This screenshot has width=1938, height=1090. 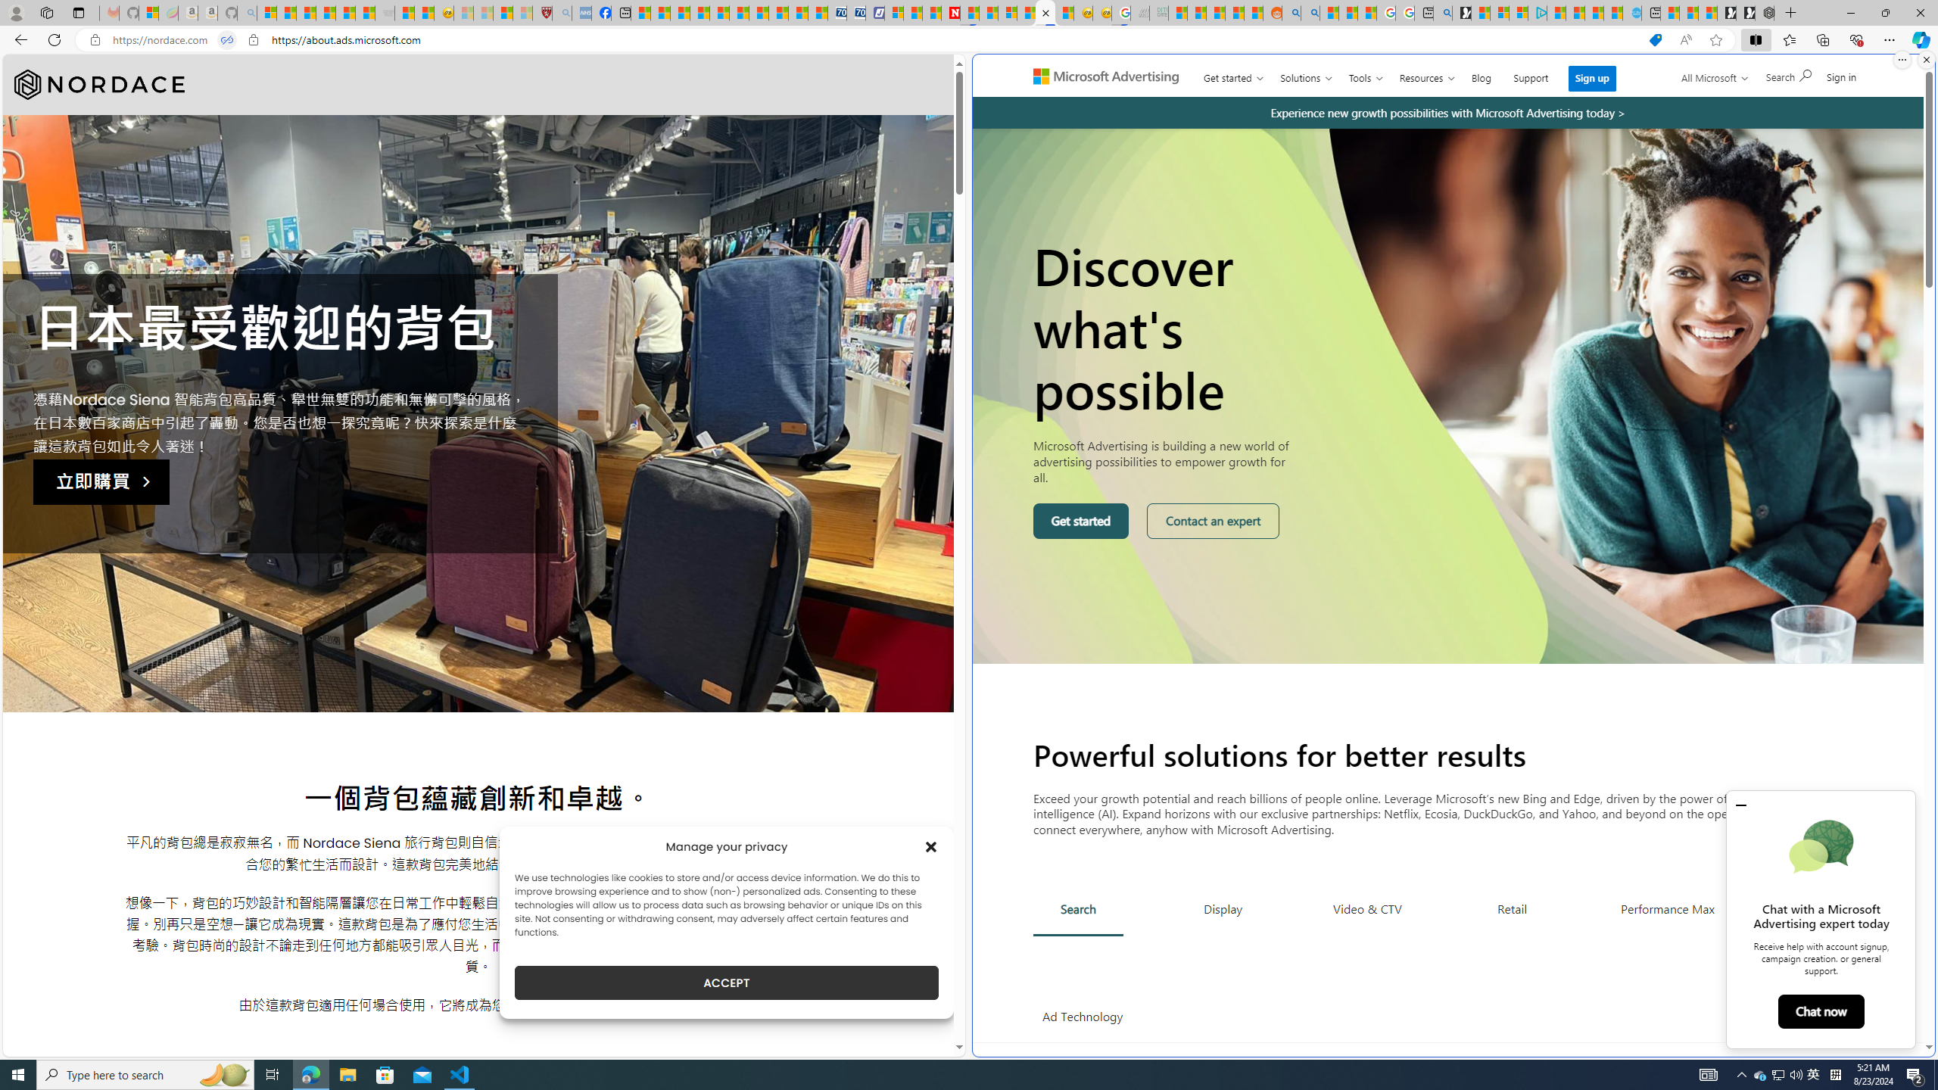 I want to click on 'Get started', so click(x=1080, y=522).